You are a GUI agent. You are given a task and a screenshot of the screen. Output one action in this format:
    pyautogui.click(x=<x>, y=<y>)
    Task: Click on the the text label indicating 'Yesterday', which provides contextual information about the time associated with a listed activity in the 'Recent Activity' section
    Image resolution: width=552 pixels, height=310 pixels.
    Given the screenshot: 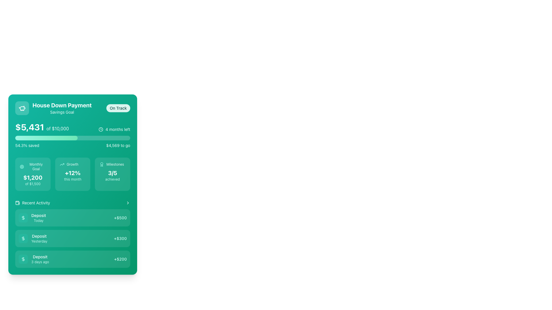 What is the action you would take?
    pyautogui.click(x=39, y=241)
    